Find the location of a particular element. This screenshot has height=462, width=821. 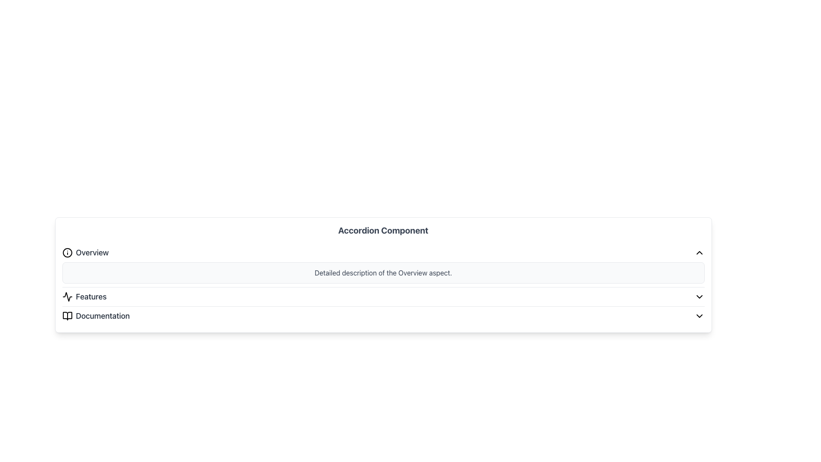

the third item in the vertical list labeled as a Label with an associated icon is located at coordinates (96, 316).